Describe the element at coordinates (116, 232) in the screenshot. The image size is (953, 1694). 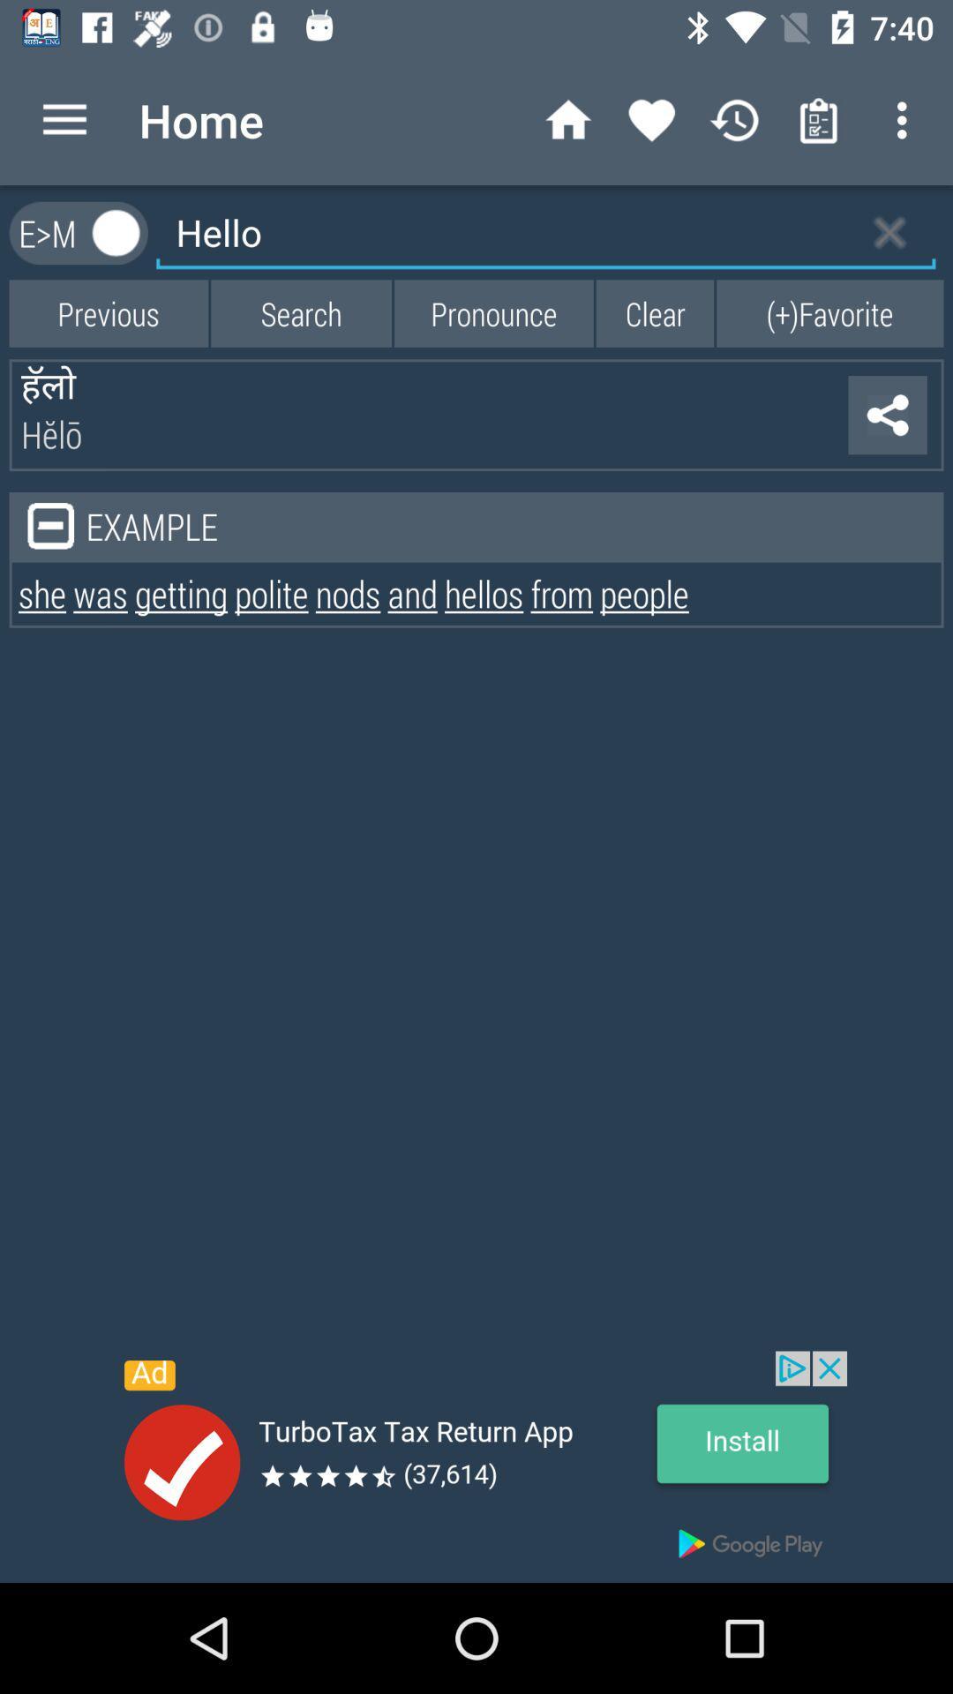
I see `option` at that location.